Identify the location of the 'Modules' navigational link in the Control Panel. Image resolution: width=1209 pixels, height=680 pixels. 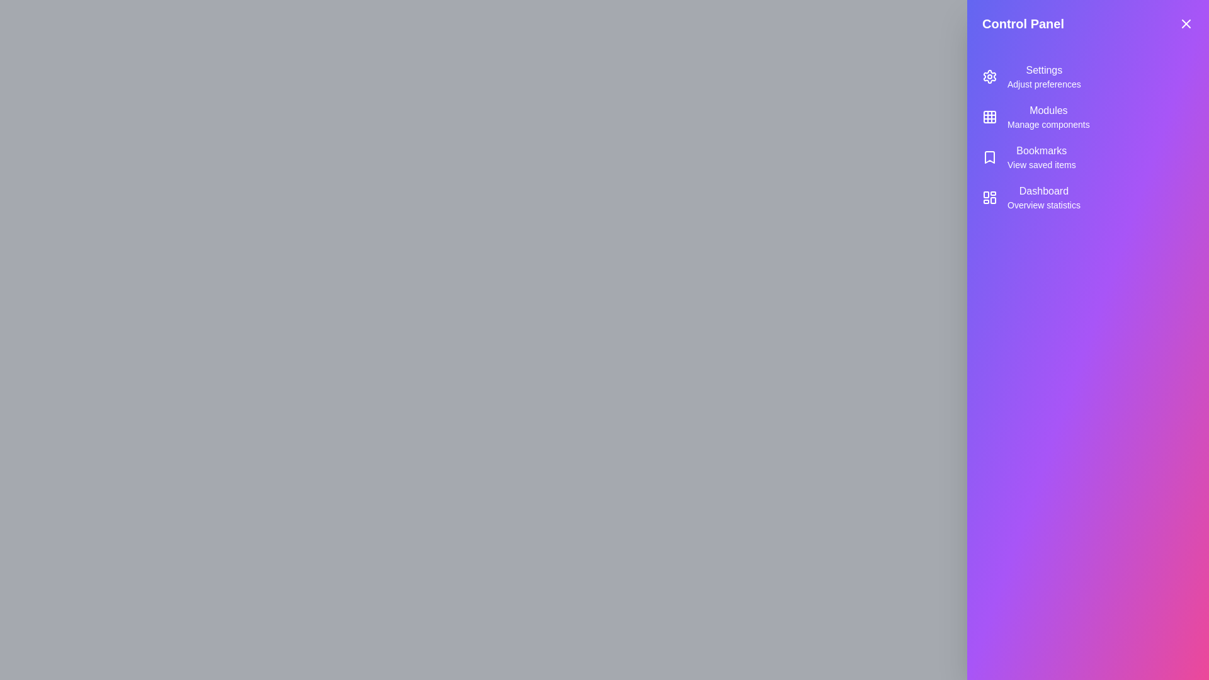
(1048, 116).